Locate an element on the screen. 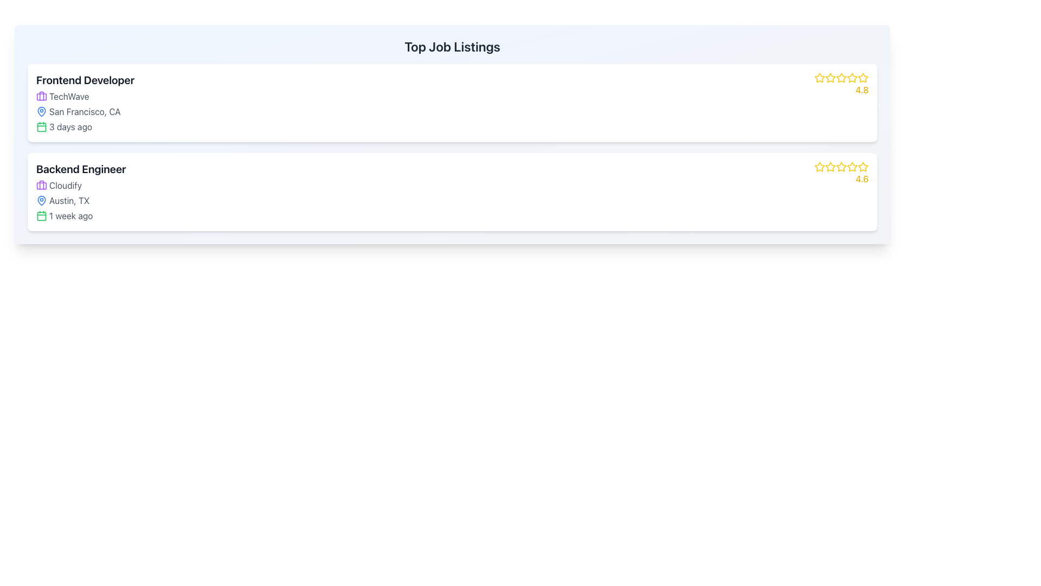 This screenshot has width=1041, height=586. the yellow outlined star icon, which is the fourth star in a sequence of five, positioned near the right corner of the top item in the list is located at coordinates (840, 77).